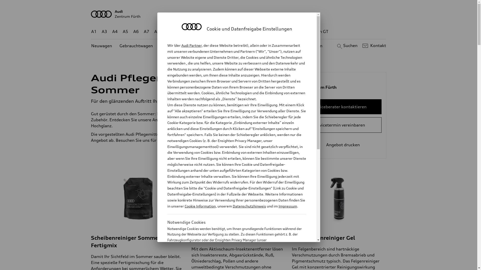 The width and height of the screenshot is (481, 270). What do you see at coordinates (298, 31) in the screenshot?
I see `'g-tron'` at bounding box center [298, 31].